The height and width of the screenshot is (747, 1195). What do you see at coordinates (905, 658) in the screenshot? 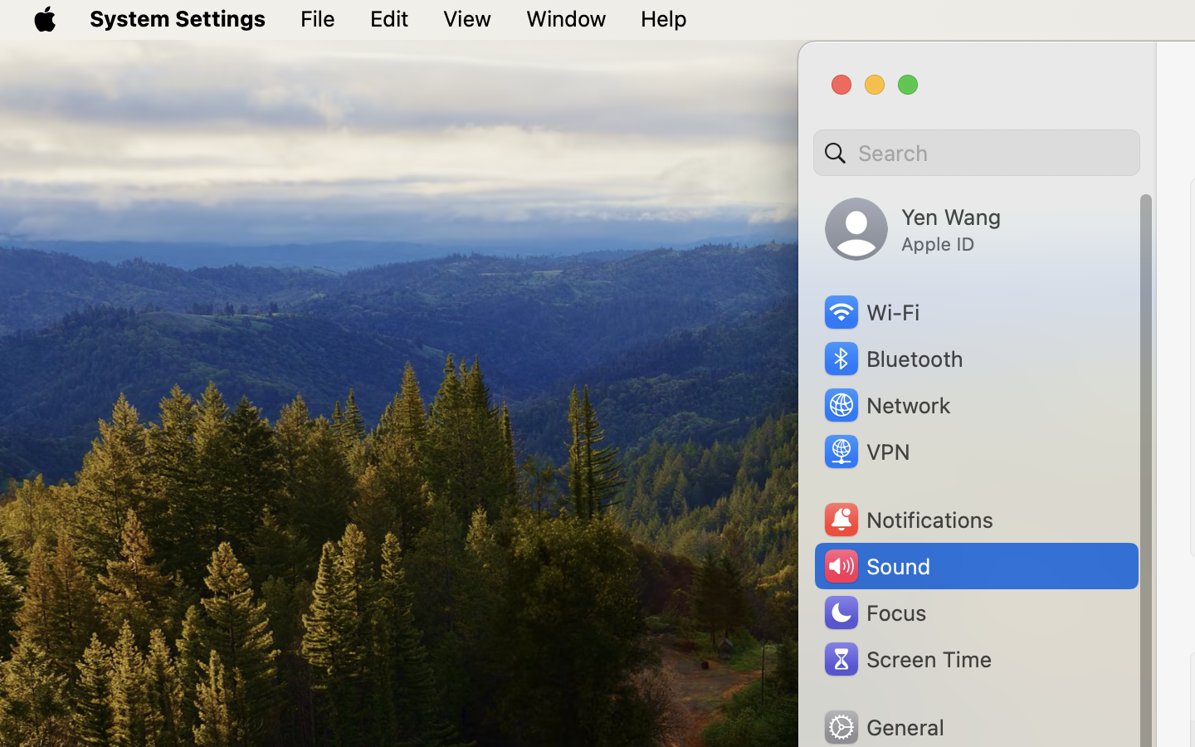
I see `'Screen Time'` at bounding box center [905, 658].